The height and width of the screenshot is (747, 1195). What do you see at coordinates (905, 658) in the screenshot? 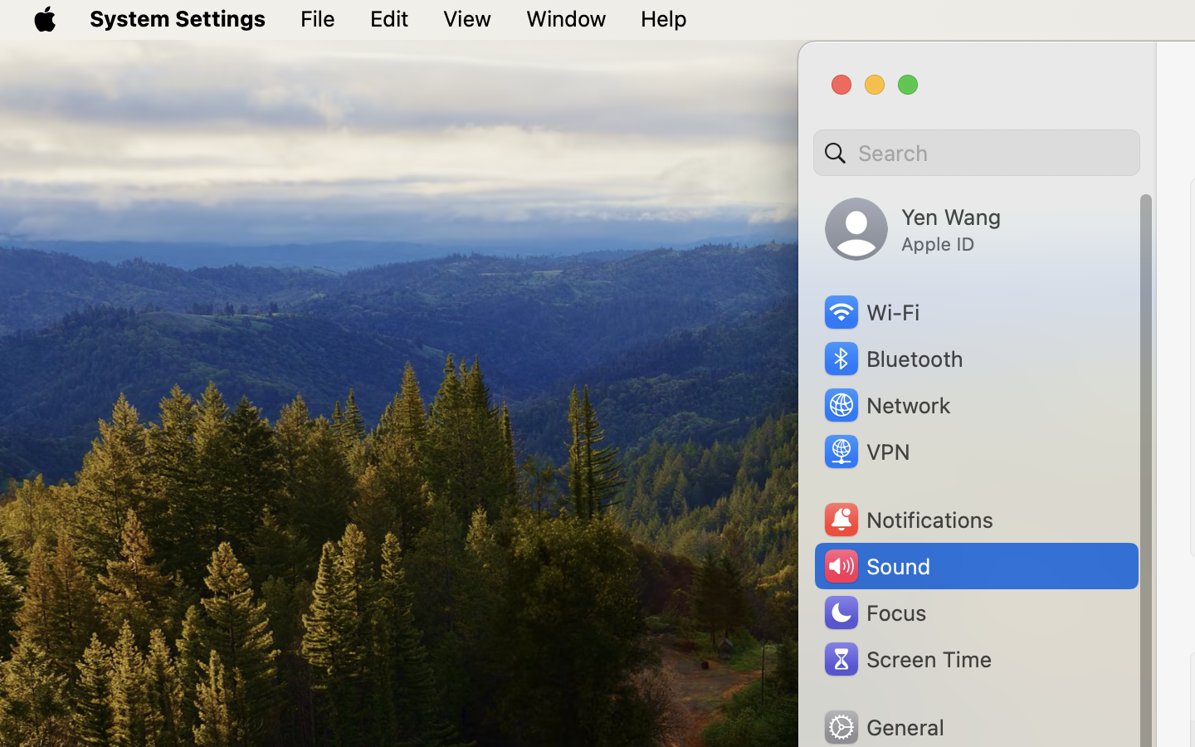
I see `'Screen Time'` at bounding box center [905, 658].